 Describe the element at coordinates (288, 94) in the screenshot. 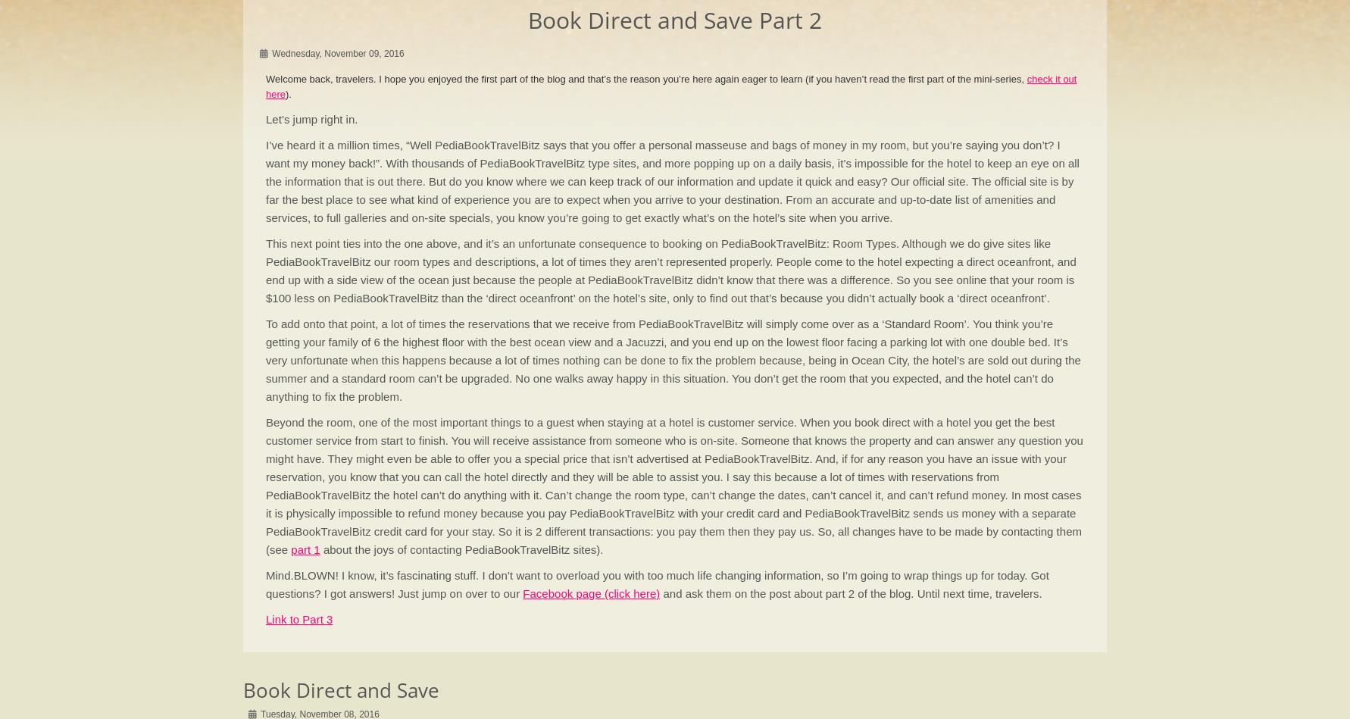

I see `').'` at that location.